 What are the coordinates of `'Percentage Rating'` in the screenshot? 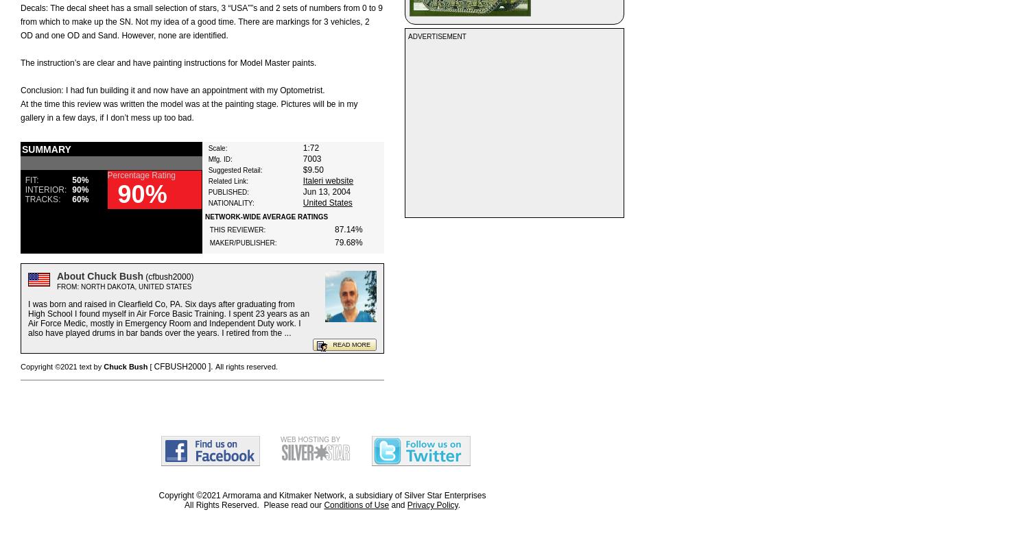 It's located at (140, 174).